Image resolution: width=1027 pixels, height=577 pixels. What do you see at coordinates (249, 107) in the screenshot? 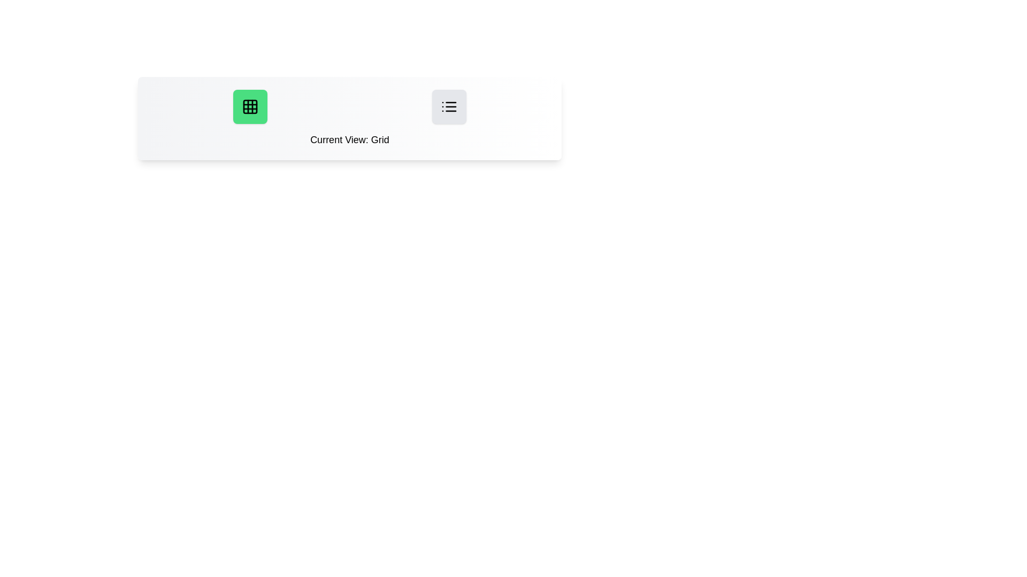
I see `the button labeled Grid to observe its hover effect` at bounding box center [249, 107].